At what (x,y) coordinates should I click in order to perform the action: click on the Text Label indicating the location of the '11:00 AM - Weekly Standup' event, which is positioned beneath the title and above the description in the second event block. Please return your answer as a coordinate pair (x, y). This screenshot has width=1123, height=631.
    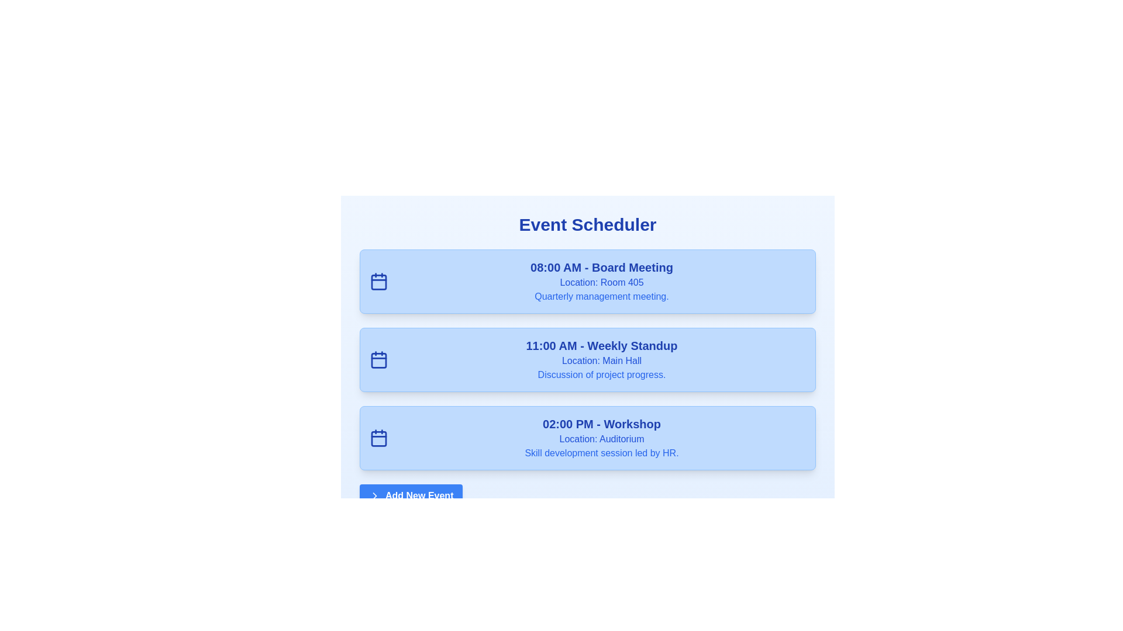
    Looking at the image, I should click on (601, 360).